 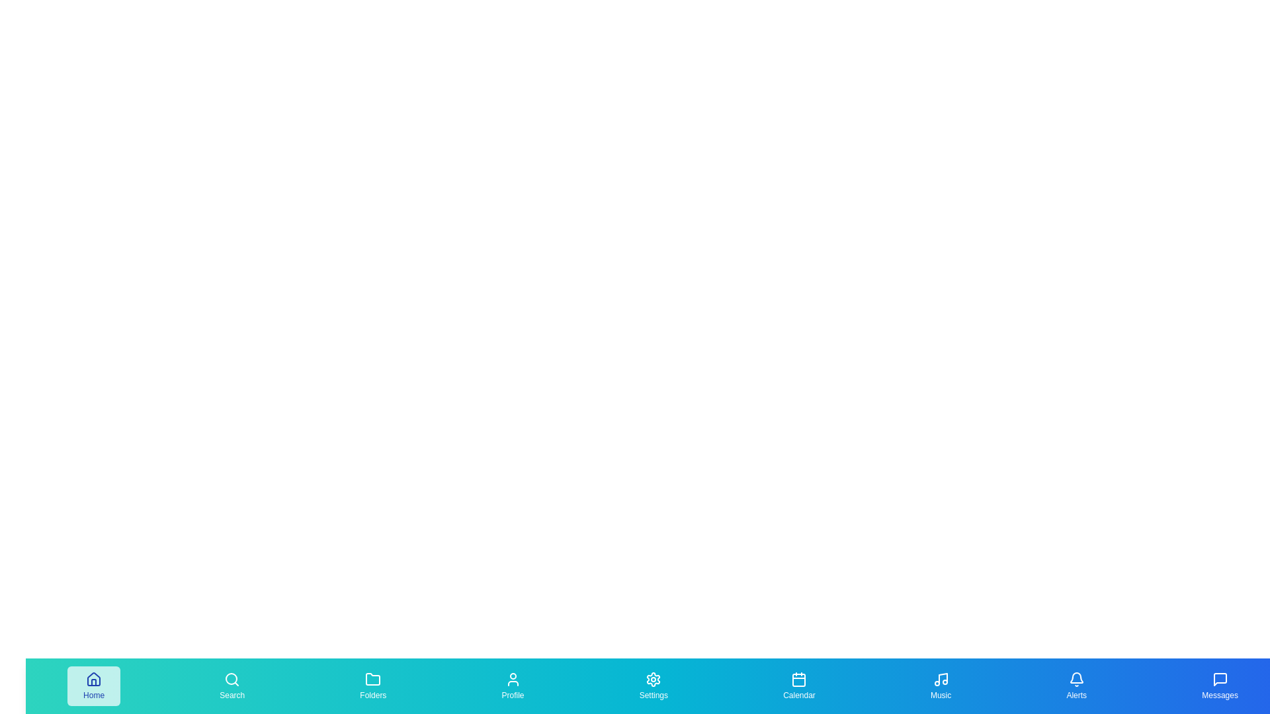 What do you see at coordinates (654, 685) in the screenshot?
I see `the 'Settings' tab in the bottom navigation bar` at bounding box center [654, 685].